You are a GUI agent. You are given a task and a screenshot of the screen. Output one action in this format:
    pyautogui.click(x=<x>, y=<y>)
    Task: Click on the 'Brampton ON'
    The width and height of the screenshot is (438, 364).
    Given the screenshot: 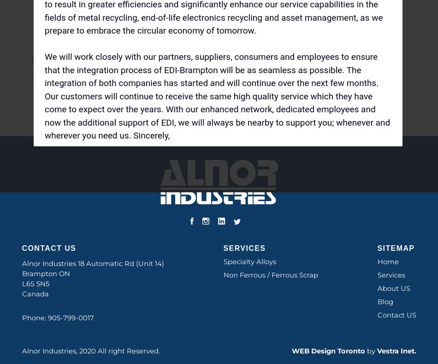 What is the action you would take?
    pyautogui.click(x=45, y=273)
    